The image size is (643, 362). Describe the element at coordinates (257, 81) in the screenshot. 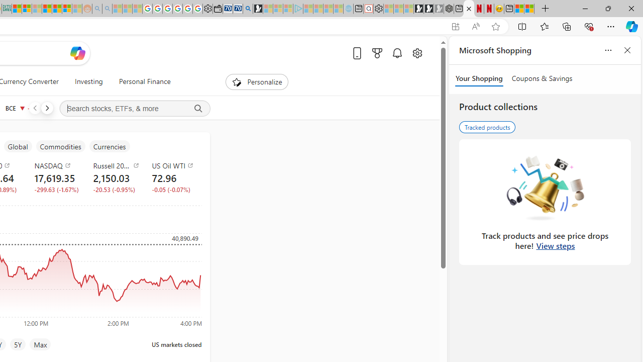

I see `'Personalize'` at that location.